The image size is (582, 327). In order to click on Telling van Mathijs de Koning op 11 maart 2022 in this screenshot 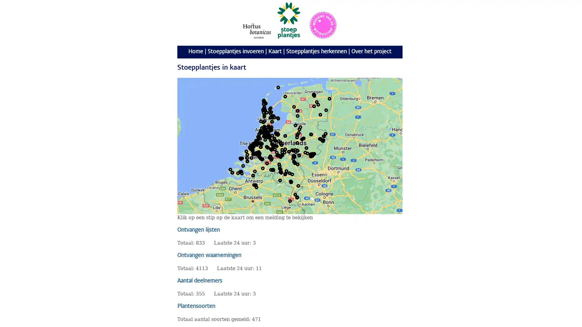, I will do `click(256, 143)`.